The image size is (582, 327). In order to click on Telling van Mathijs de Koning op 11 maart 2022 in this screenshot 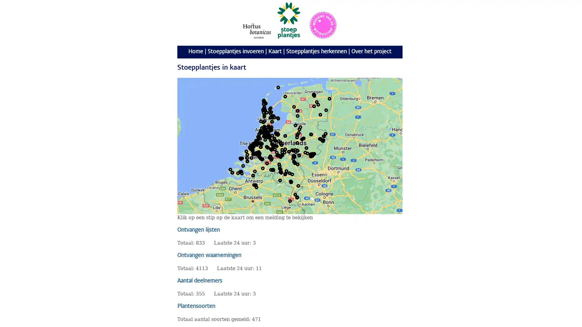, I will do `click(256, 143)`.